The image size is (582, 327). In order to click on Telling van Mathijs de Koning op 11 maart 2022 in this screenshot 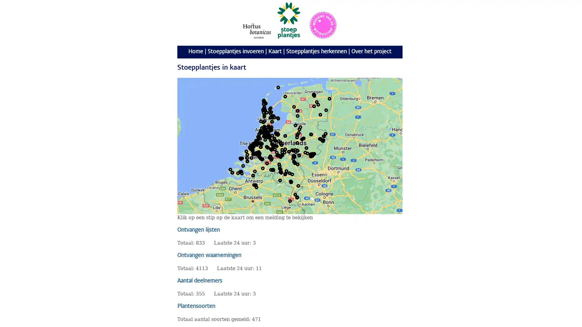, I will do `click(256, 143)`.